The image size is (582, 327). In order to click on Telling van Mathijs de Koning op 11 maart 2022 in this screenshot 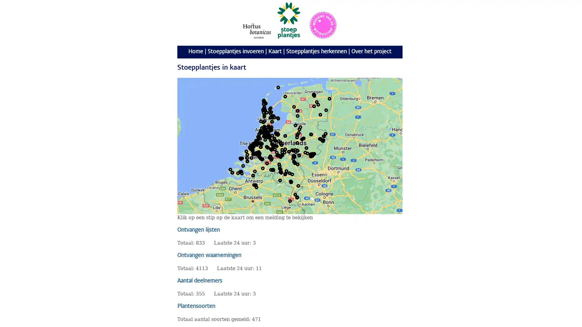, I will do `click(256, 143)`.